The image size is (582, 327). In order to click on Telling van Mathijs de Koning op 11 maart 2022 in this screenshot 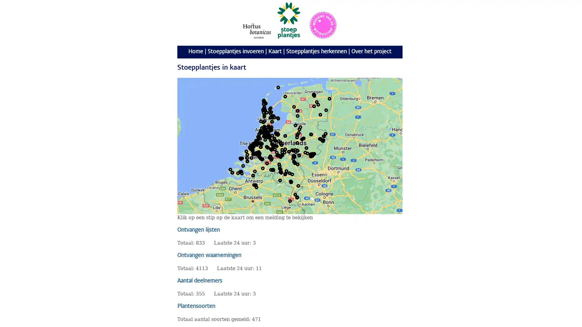, I will do `click(256, 143)`.